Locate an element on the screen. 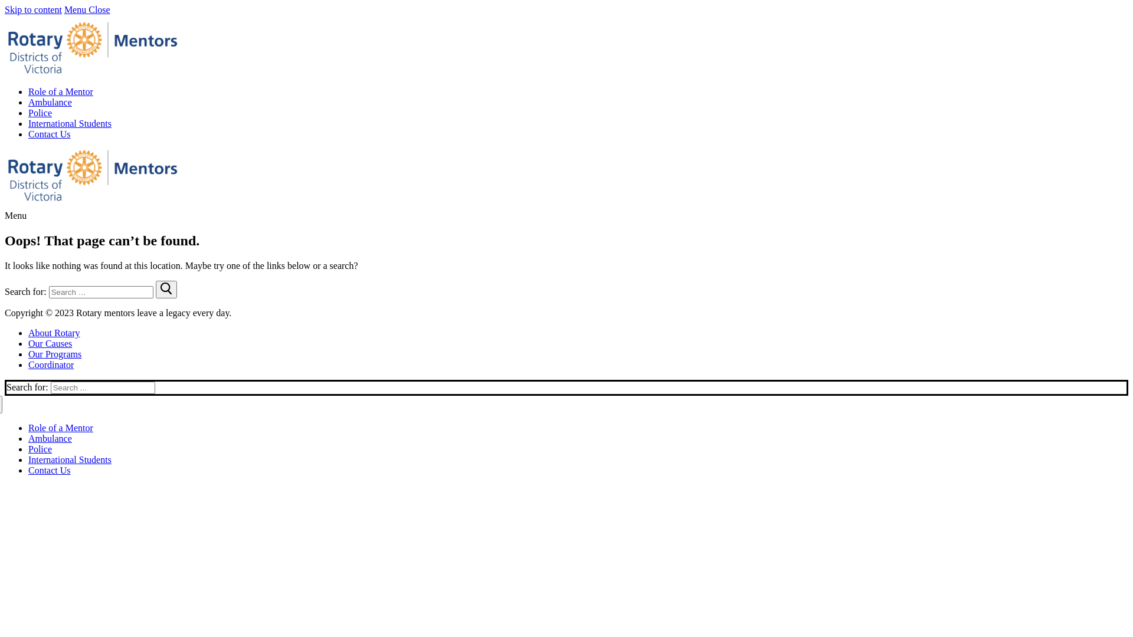  'Menu Close' is located at coordinates (87, 9).